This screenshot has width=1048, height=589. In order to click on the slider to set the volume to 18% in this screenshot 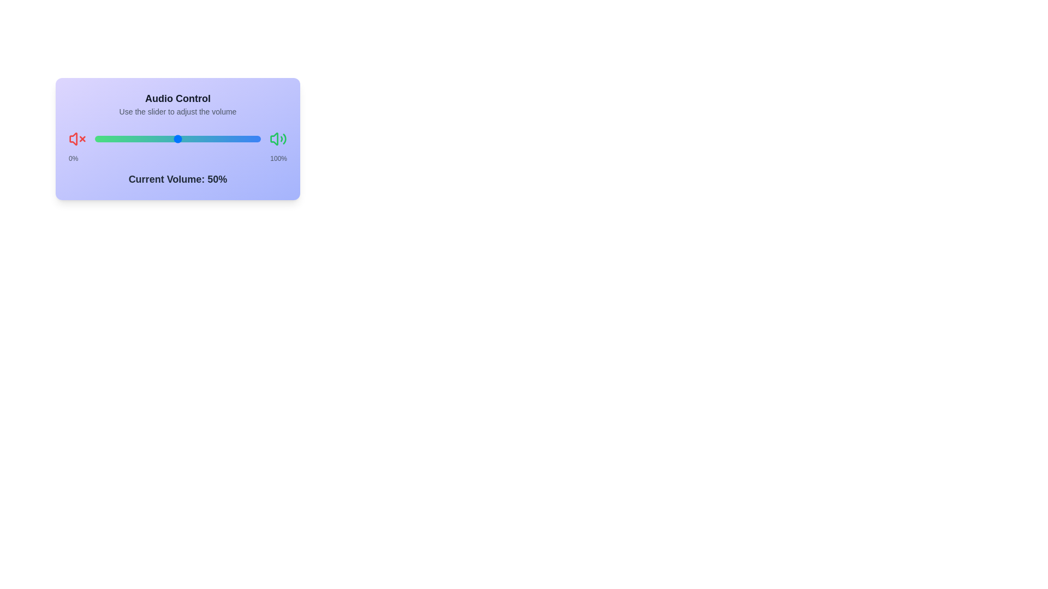, I will do `click(94, 138)`.